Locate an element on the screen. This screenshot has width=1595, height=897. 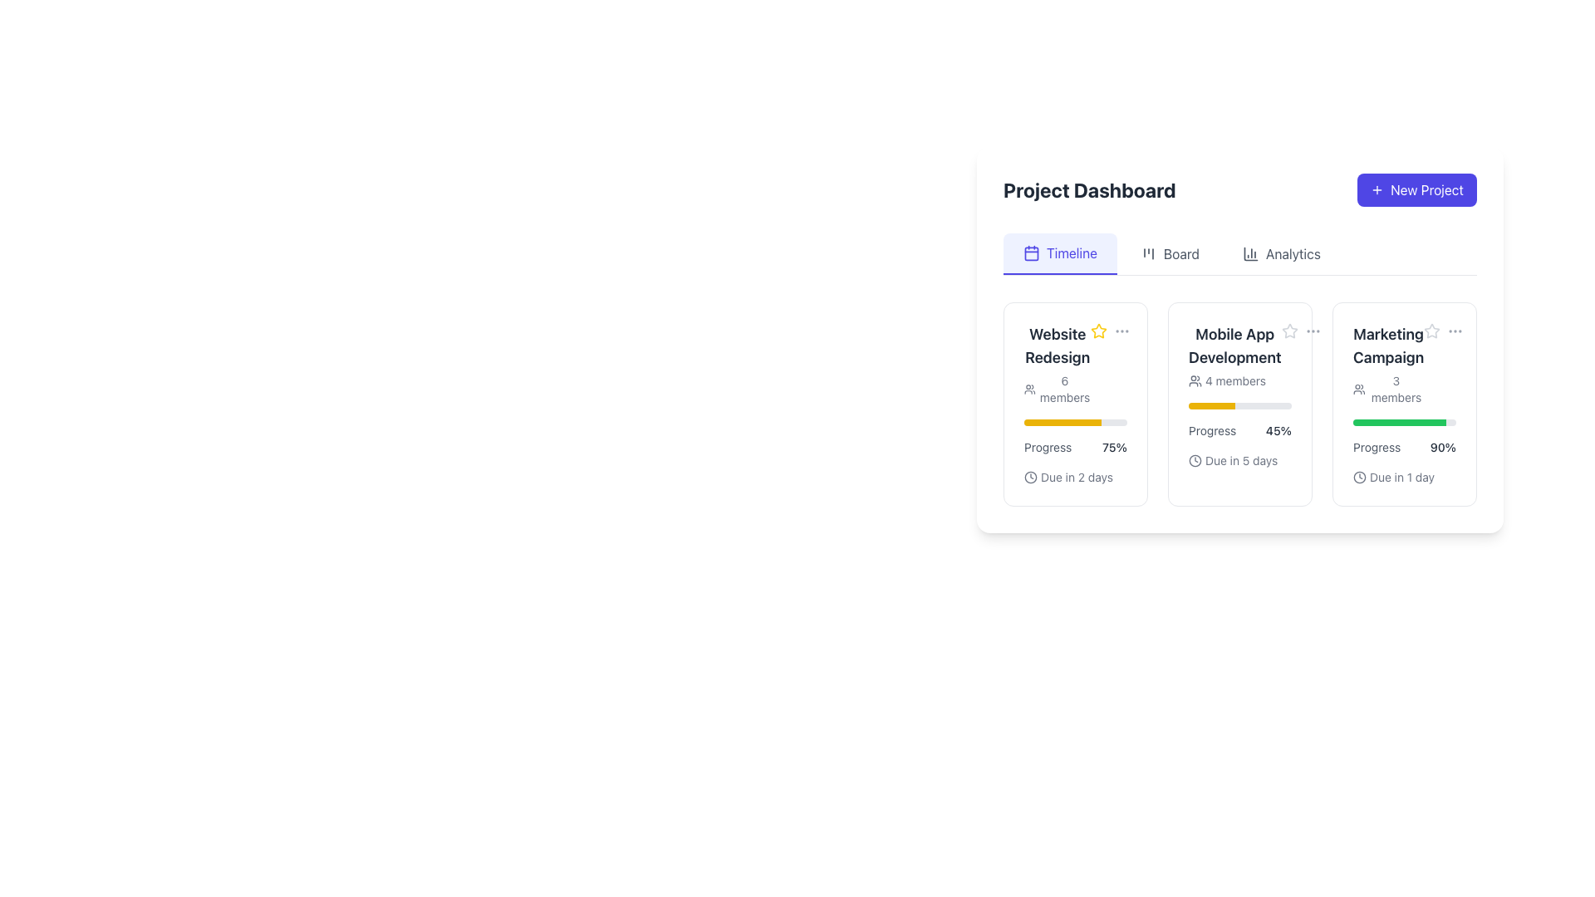
the outlined star icon indicating a non-selected state for the rating system located is located at coordinates (1288, 331).